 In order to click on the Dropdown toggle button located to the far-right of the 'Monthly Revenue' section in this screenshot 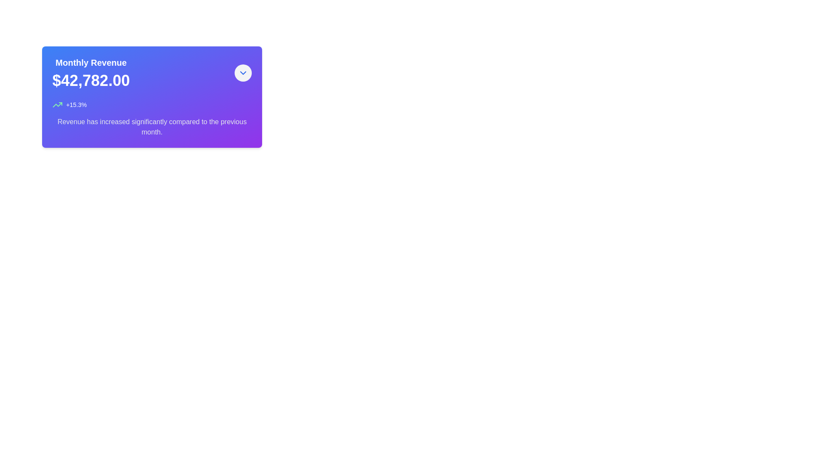, I will do `click(243, 72)`.